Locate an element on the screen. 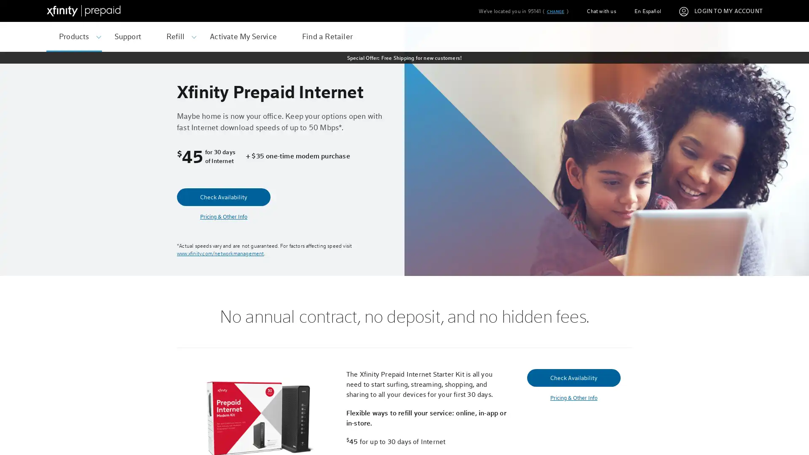 This screenshot has width=809, height=455. Close this dialog window is located at coordinates (564, 195).